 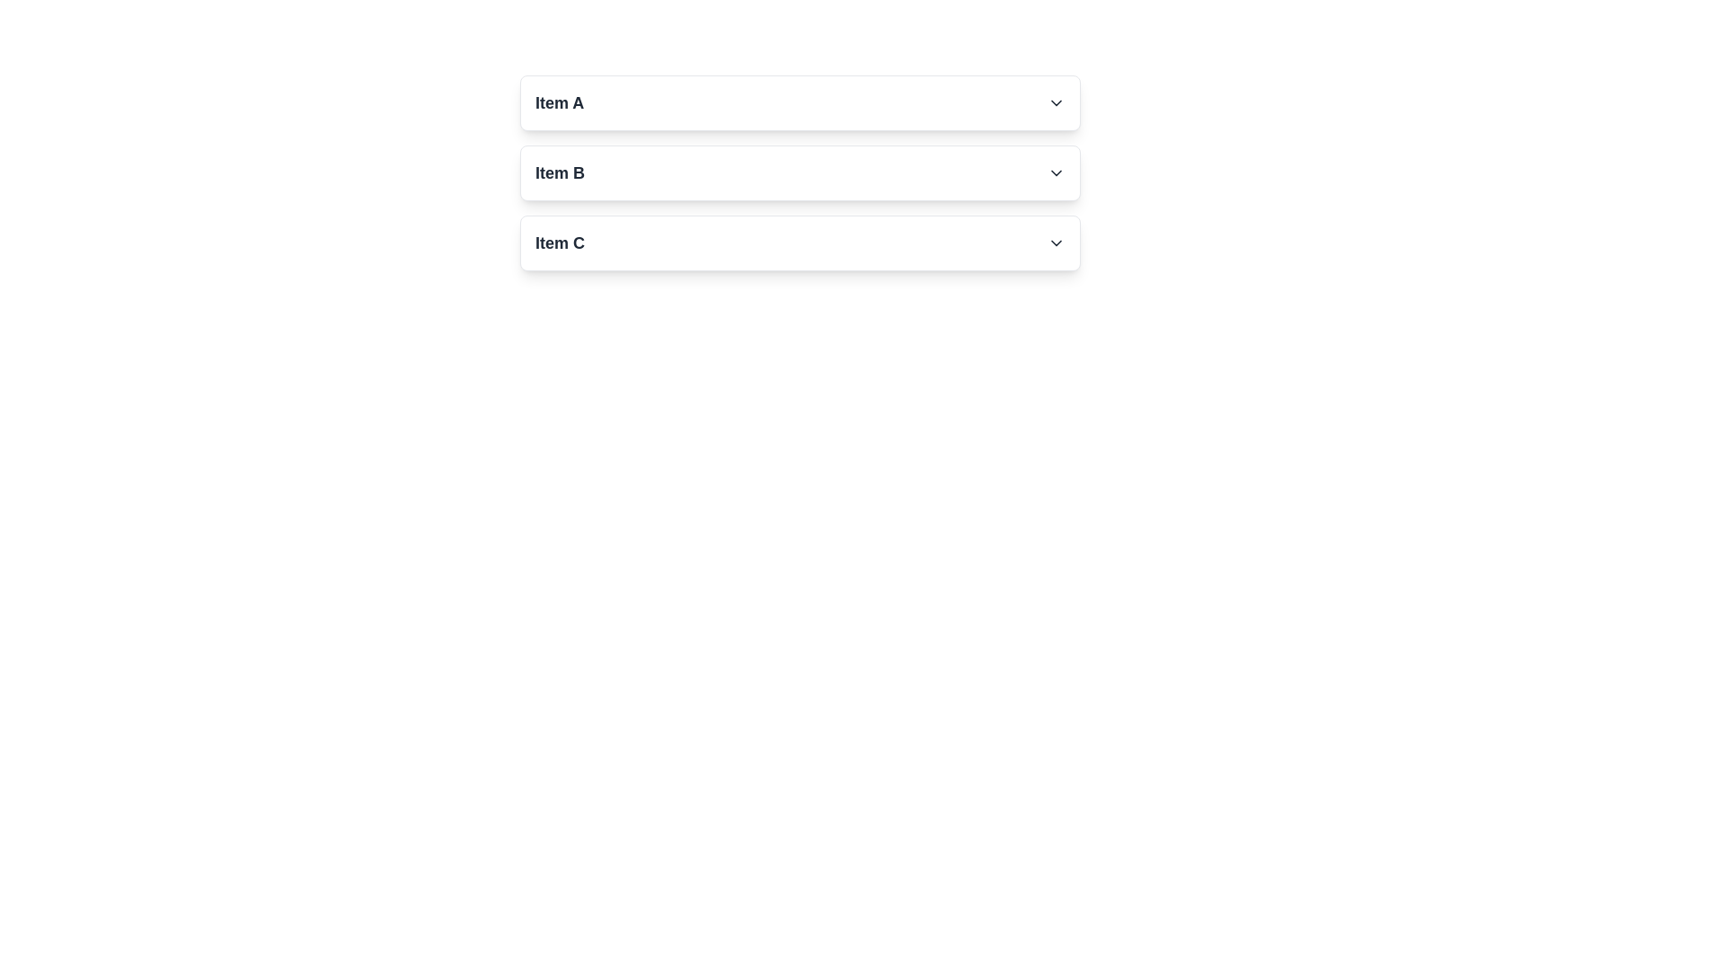 I want to click on the downward-facing chevron icon located to the far right of the 'Item C' menu header, so click(x=1057, y=242).